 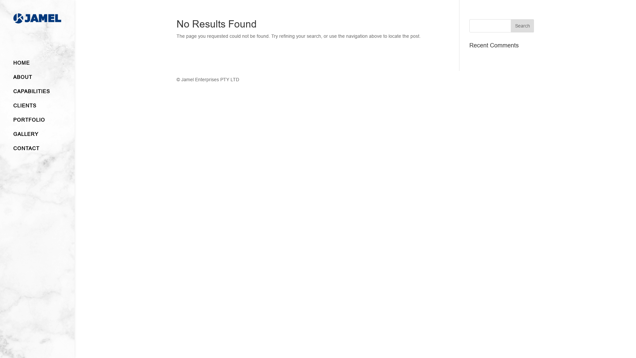 What do you see at coordinates (510, 25) in the screenshot?
I see `'Search'` at bounding box center [510, 25].